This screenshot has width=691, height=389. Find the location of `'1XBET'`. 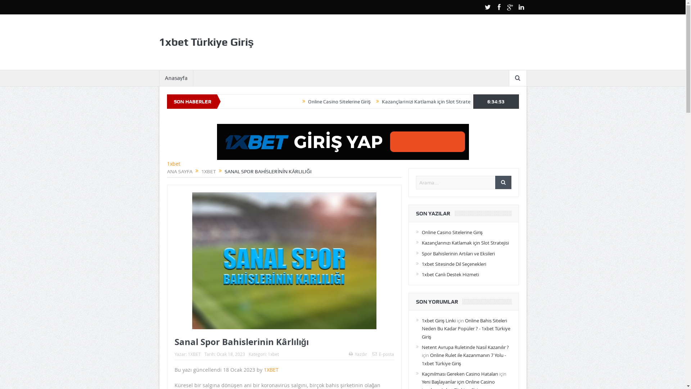

'1XBET' is located at coordinates (270, 370).